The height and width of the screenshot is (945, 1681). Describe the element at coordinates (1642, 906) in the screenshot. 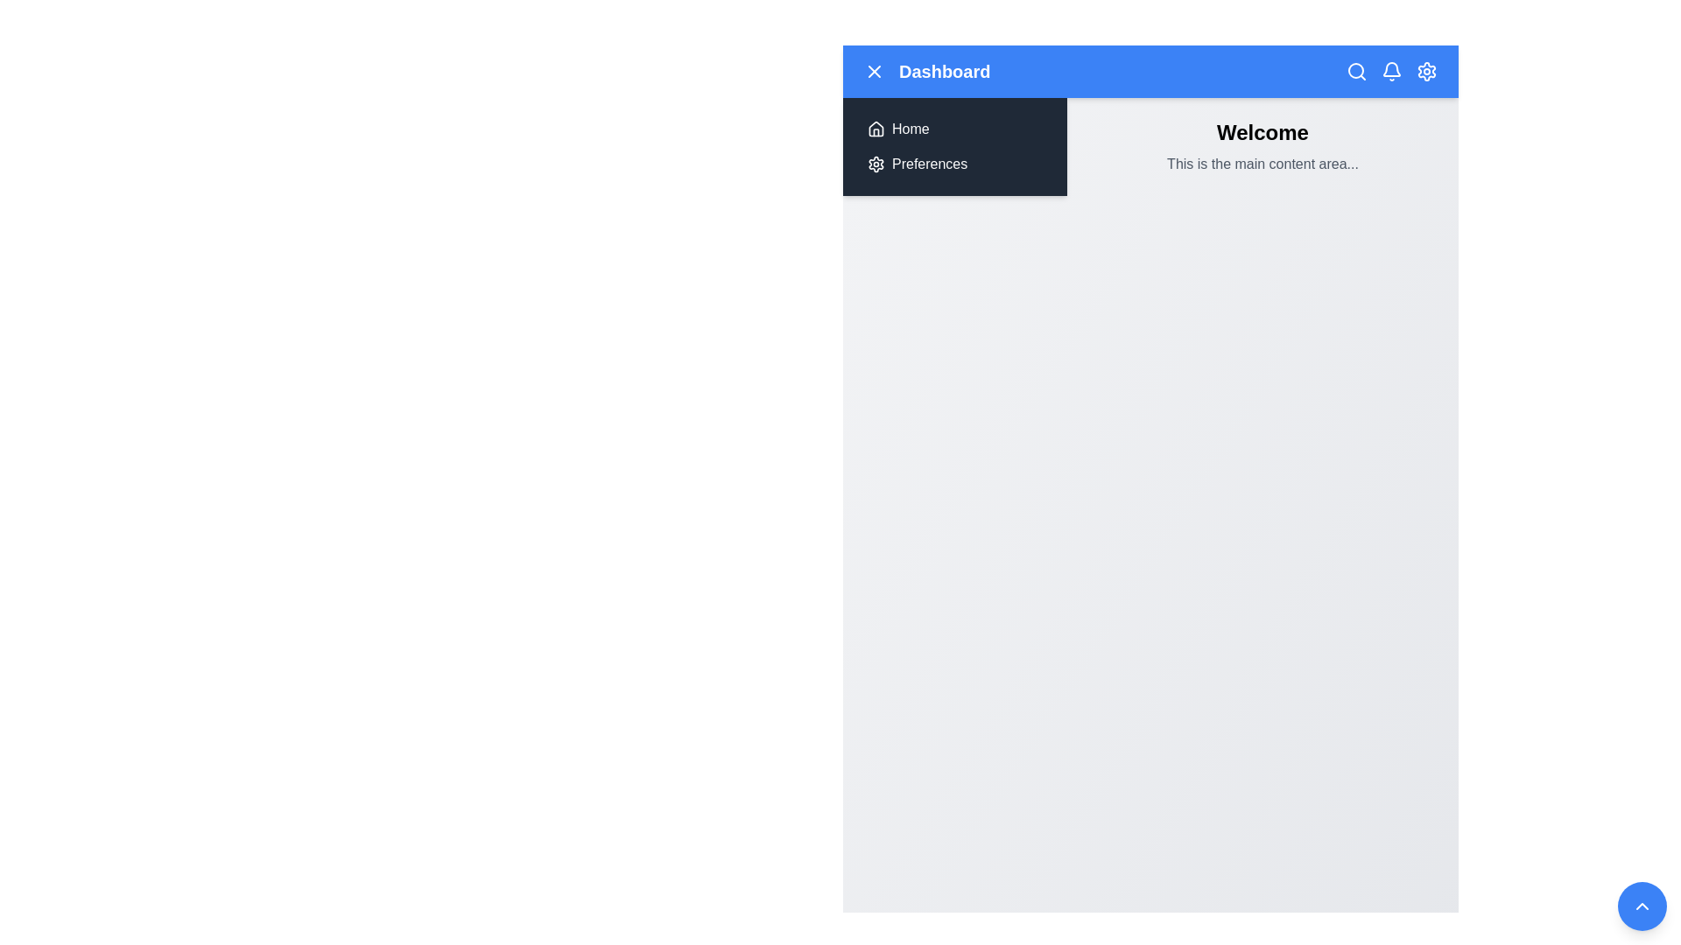

I see `the circular blue button with a white upward-pointing chevron icon` at that location.